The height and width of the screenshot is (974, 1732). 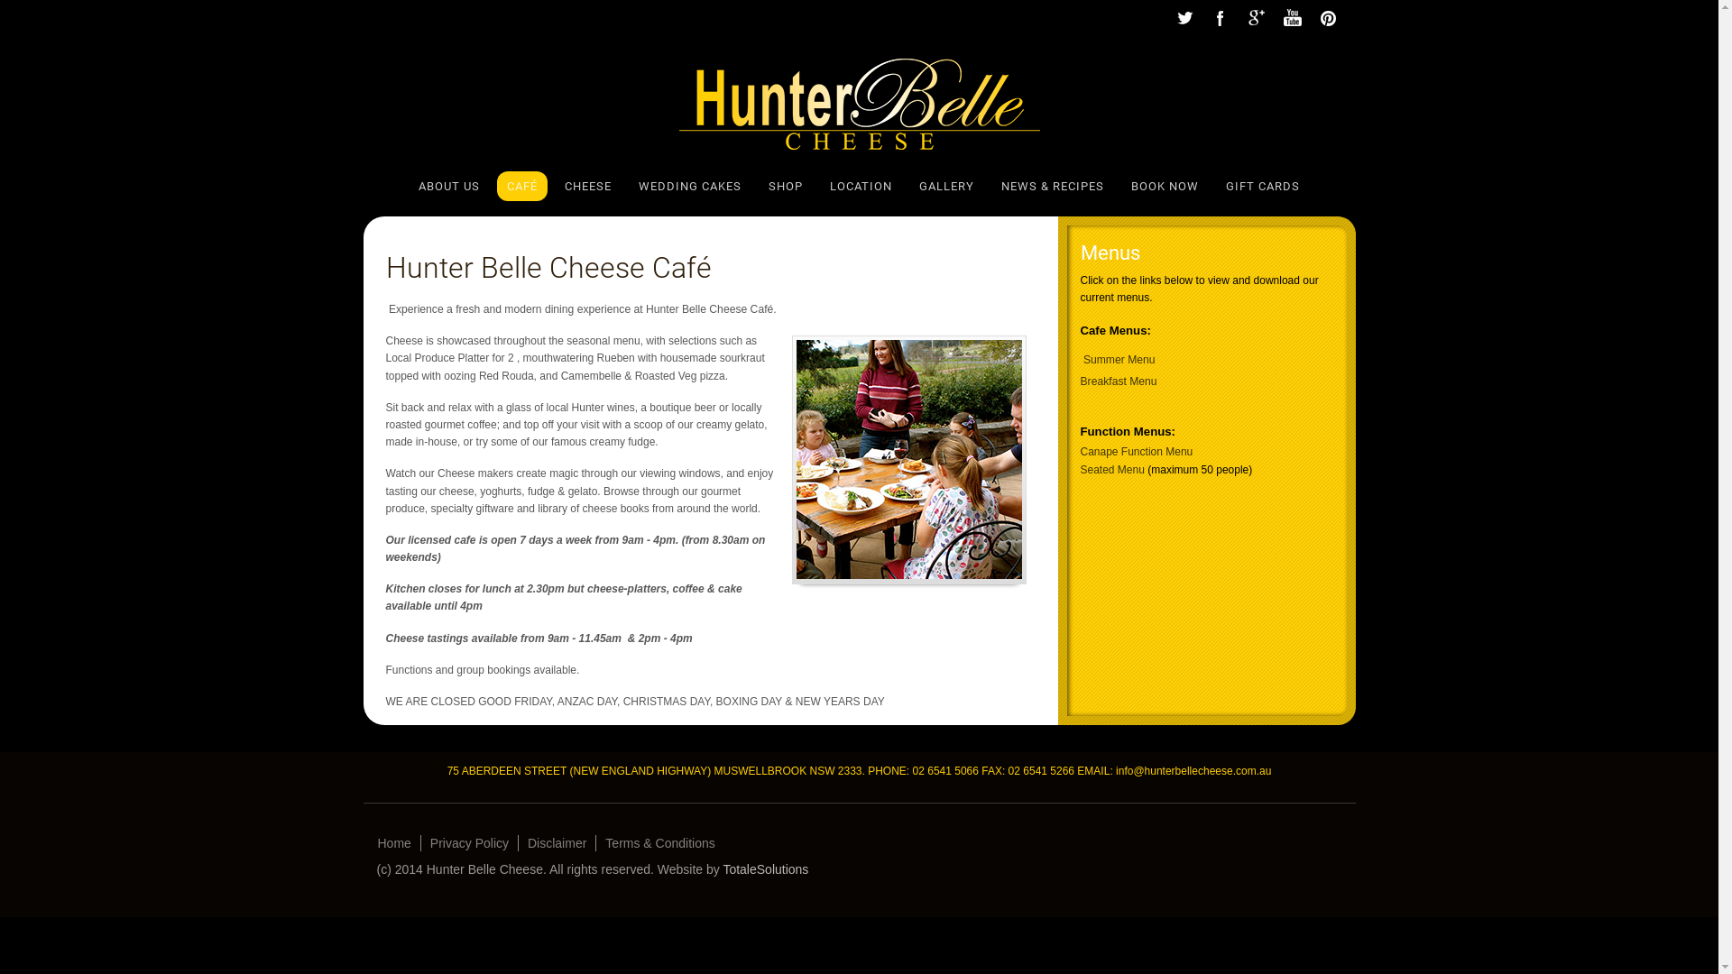 I want to click on 'LOCATION', so click(x=860, y=186).